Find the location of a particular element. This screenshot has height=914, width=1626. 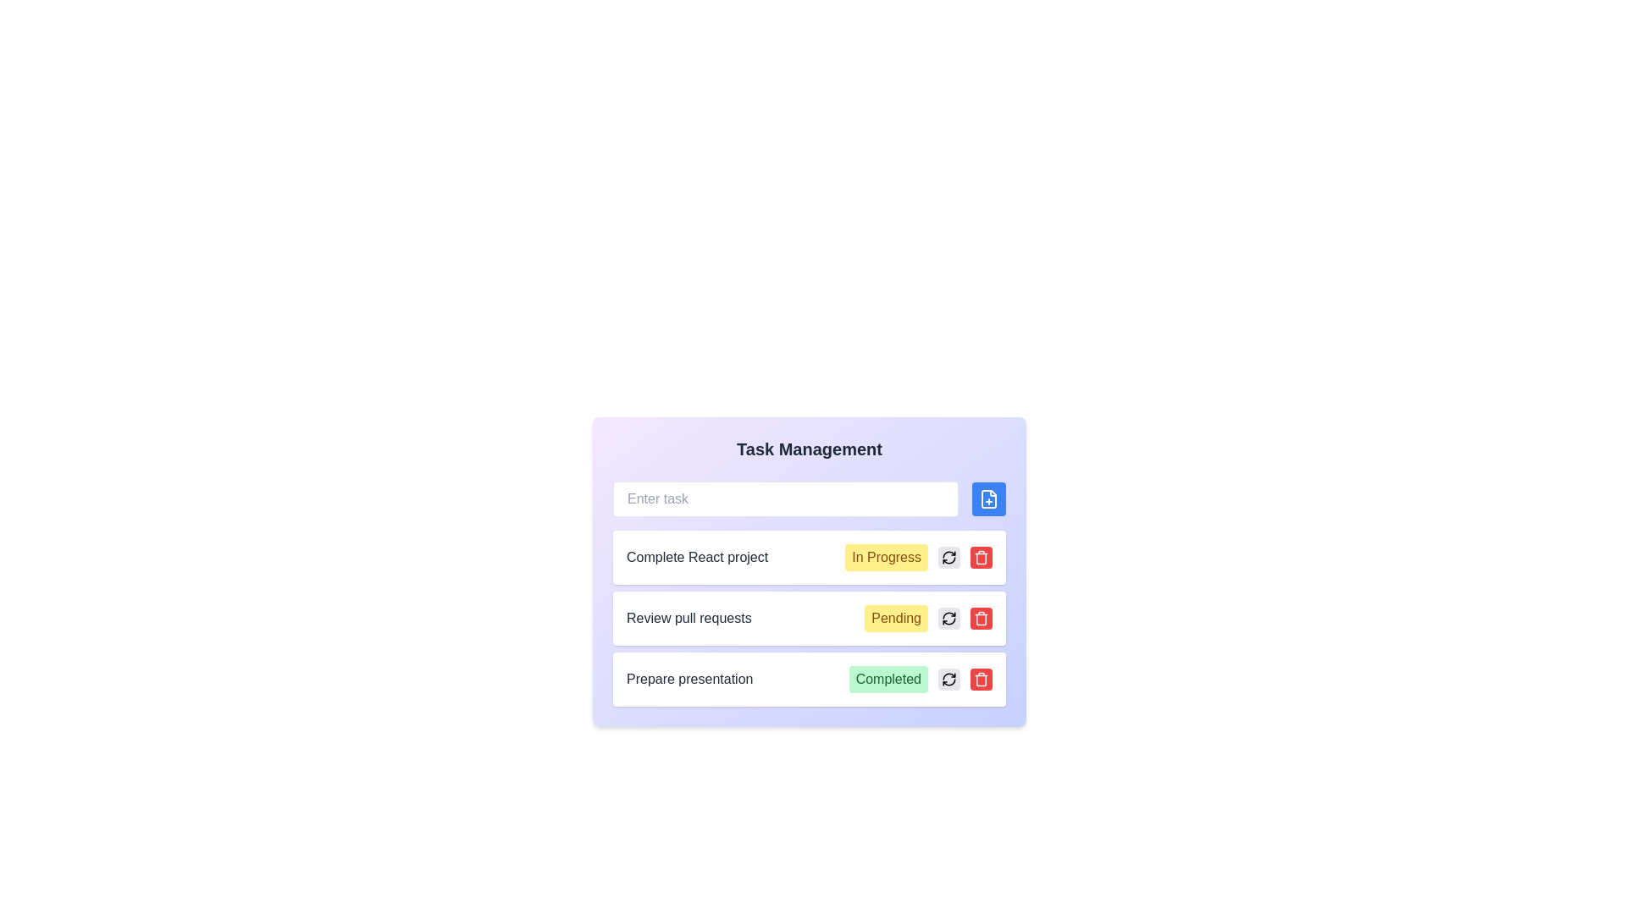

the delete button with a red background and trash bin icon, located in the 'In Progress' row is located at coordinates (981, 558).